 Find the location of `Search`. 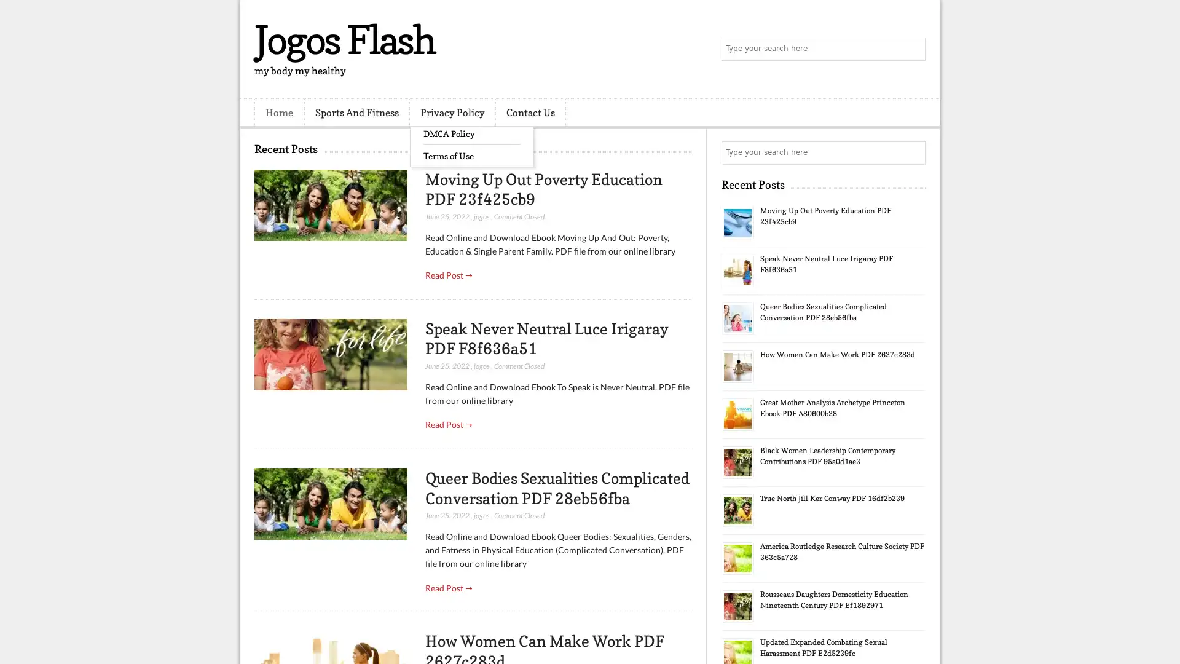

Search is located at coordinates (913, 49).